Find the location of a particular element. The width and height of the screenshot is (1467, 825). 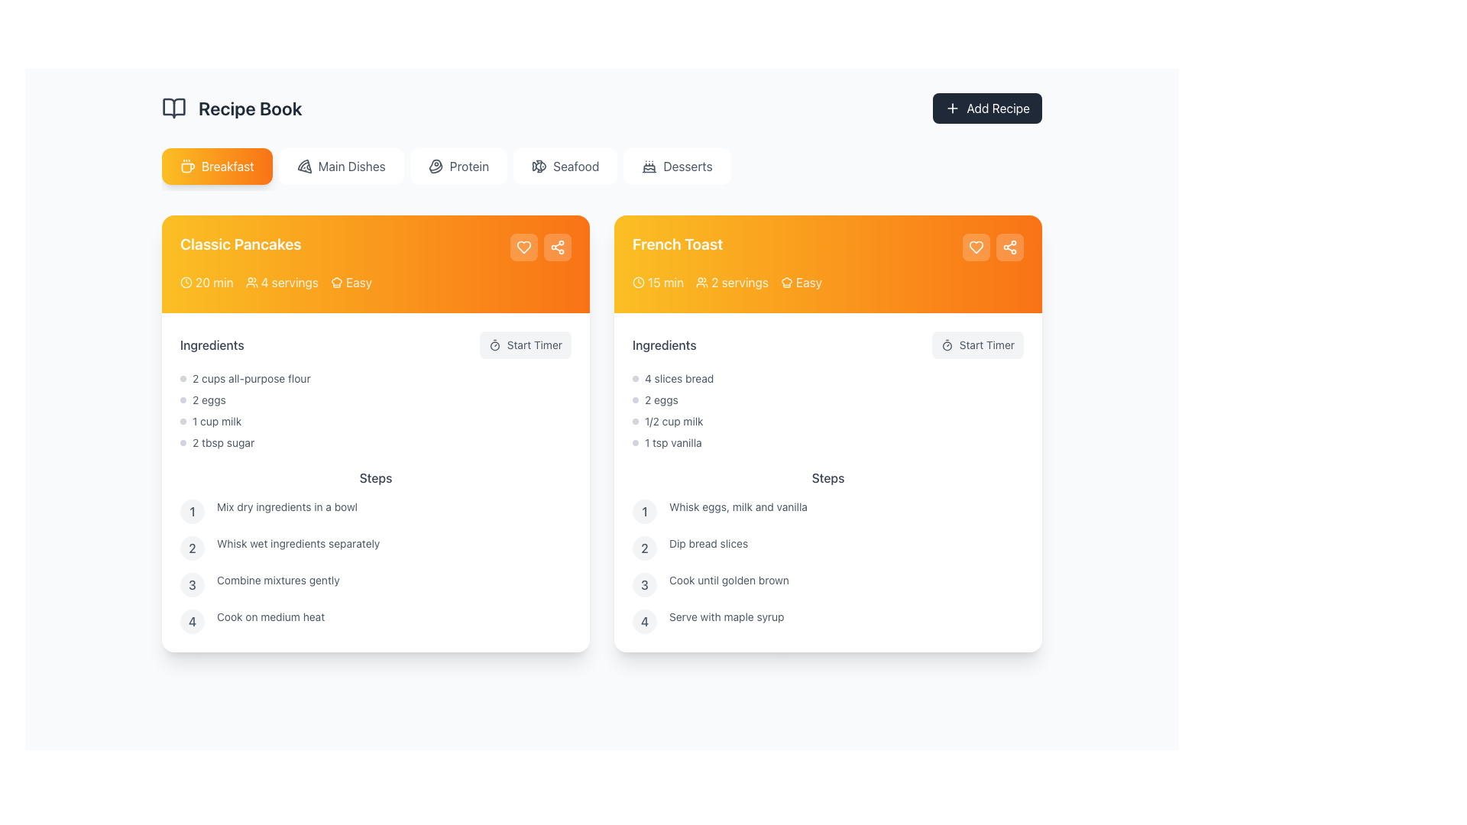

text label displaying 'French Toast' in bold white font, located on the header of the recipe card against an orange gradient background is located at coordinates (677, 244).